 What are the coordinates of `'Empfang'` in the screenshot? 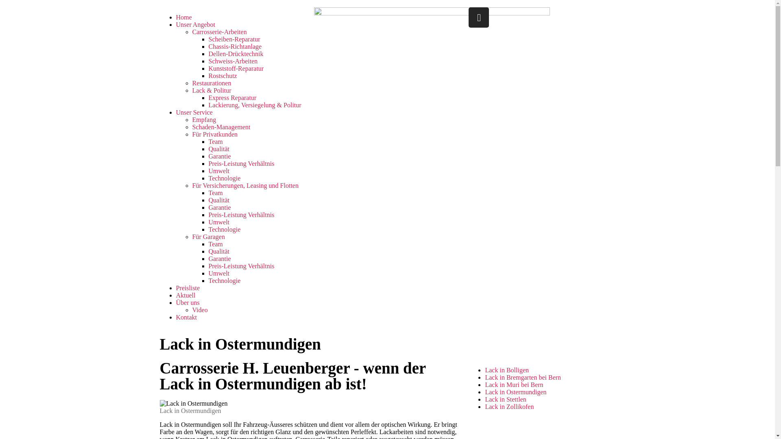 It's located at (204, 120).